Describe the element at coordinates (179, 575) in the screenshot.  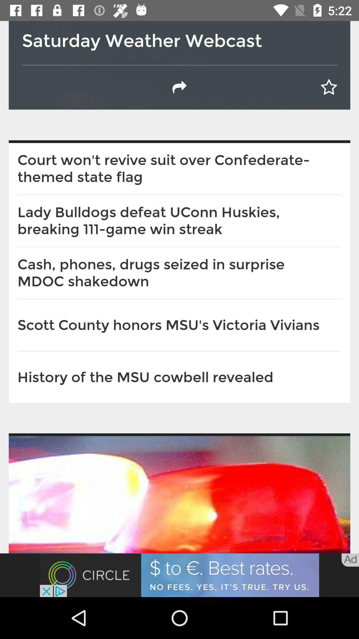
I see `advertisement link` at that location.